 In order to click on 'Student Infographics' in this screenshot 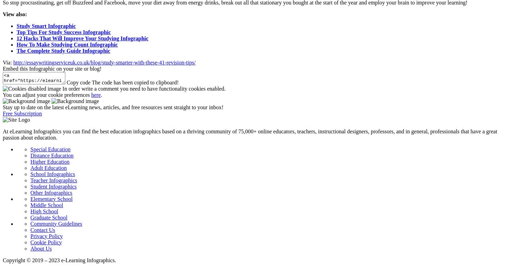, I will do `click(30, 186)`.